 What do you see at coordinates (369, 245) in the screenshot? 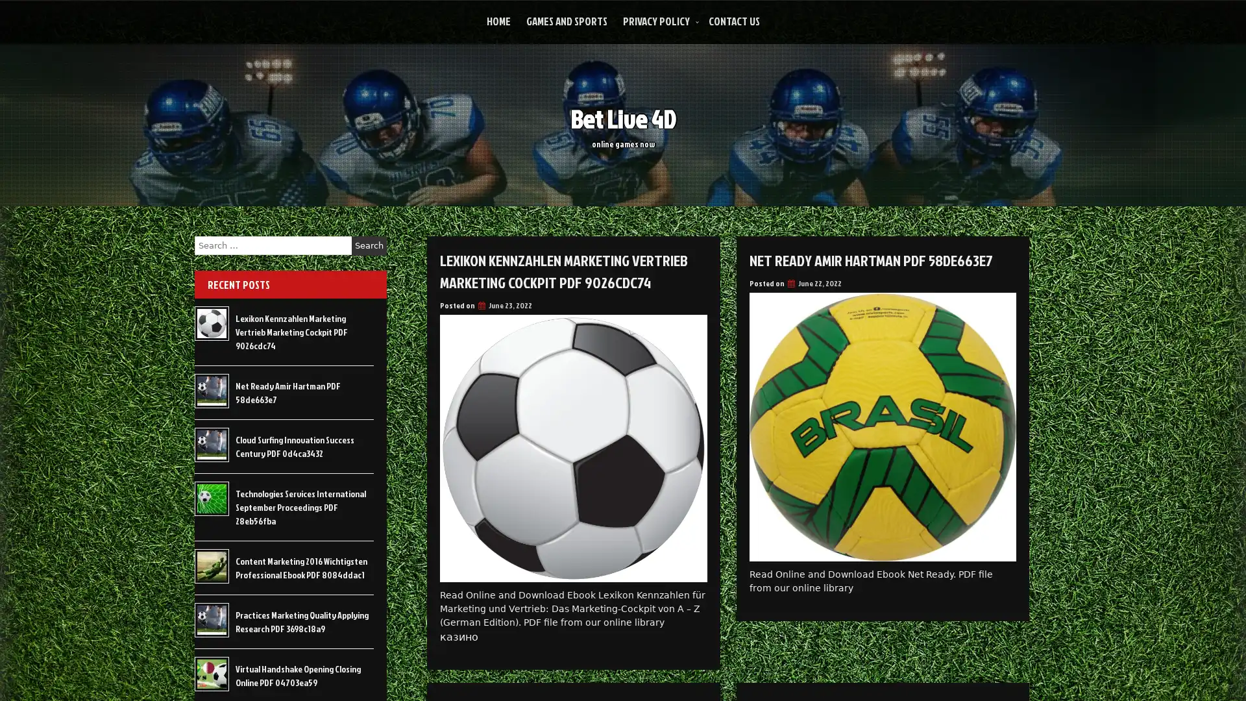
I see `Search` at bounding box center [369, 245].